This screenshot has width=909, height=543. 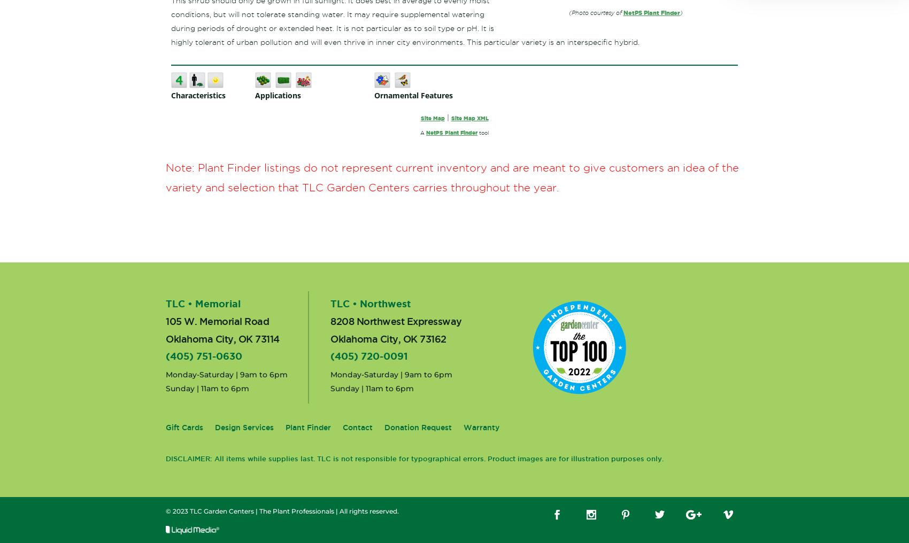 What do you see at coordinates (221, 338) in the screenshot?
I see `'Oklahoma City, OK 73114'` at bounding box center [221, 338].